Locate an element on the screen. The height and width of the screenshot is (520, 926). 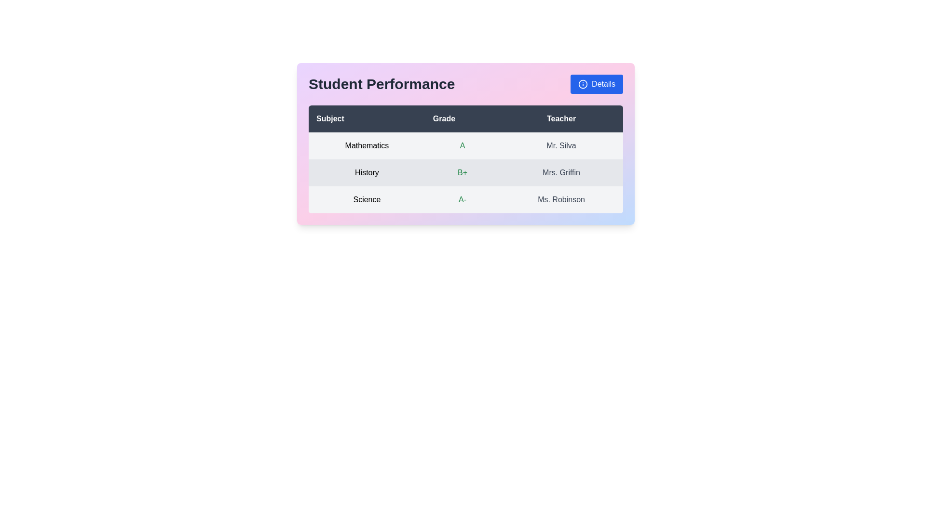
the Text Label indicating the teacher's name in the third column of the table, which is associated with the subject 'Science' and grade 'A-' is located at coordinates (561, 199).